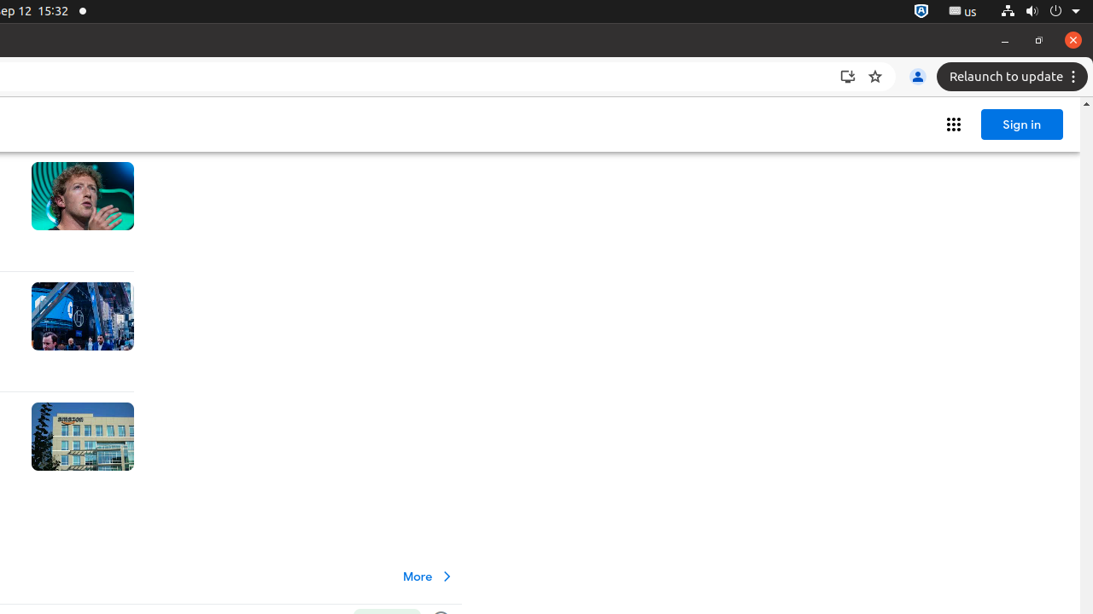 The width and height of the screenshot is (1093, 614). What do you see at coordinates (962, 11) in the screenshot?
I see `':1.21/StatusNotifierItem'` at bounding box center [962, 11].